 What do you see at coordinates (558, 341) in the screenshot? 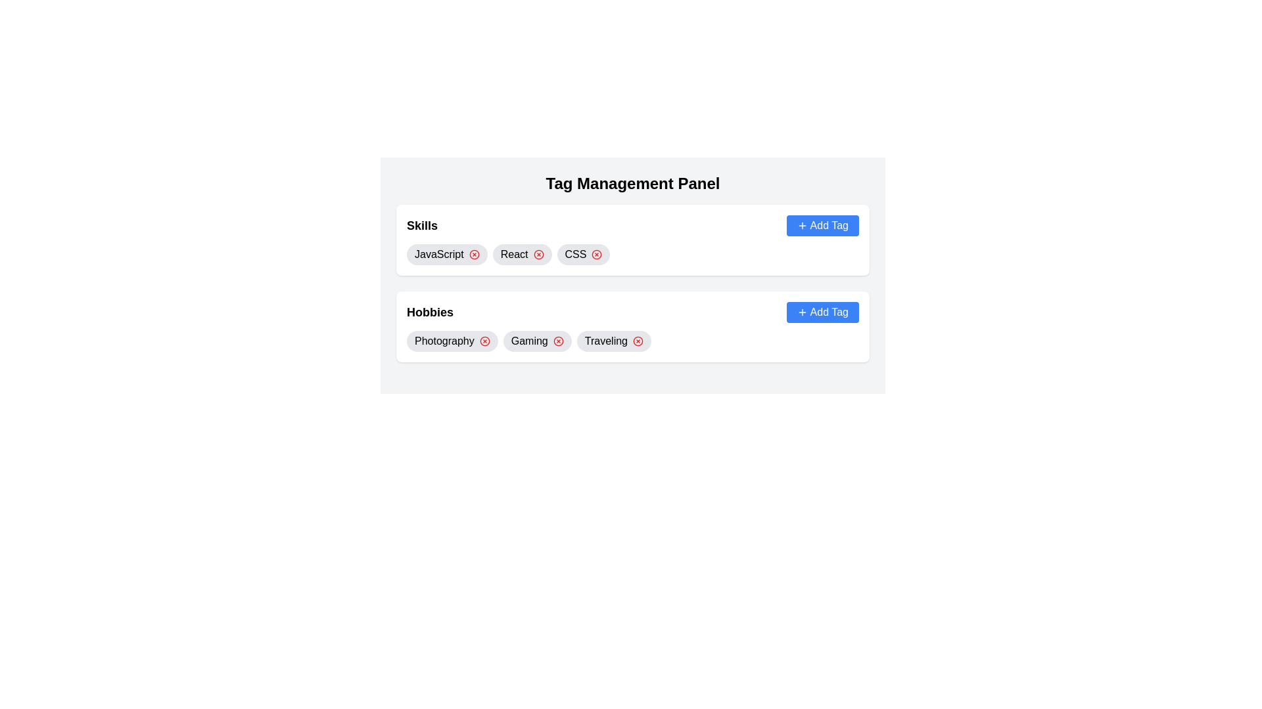
I see `the delete button for the 'Gaming' tag located in the 'Hobbies' section` at bounding box center [558, 341].